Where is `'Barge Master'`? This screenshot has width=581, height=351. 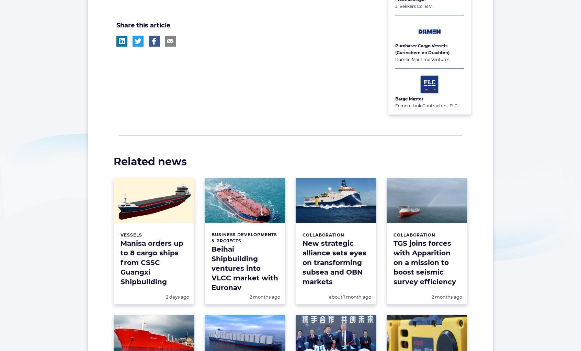 'Barge Master' is located at coordinates (409, 99).